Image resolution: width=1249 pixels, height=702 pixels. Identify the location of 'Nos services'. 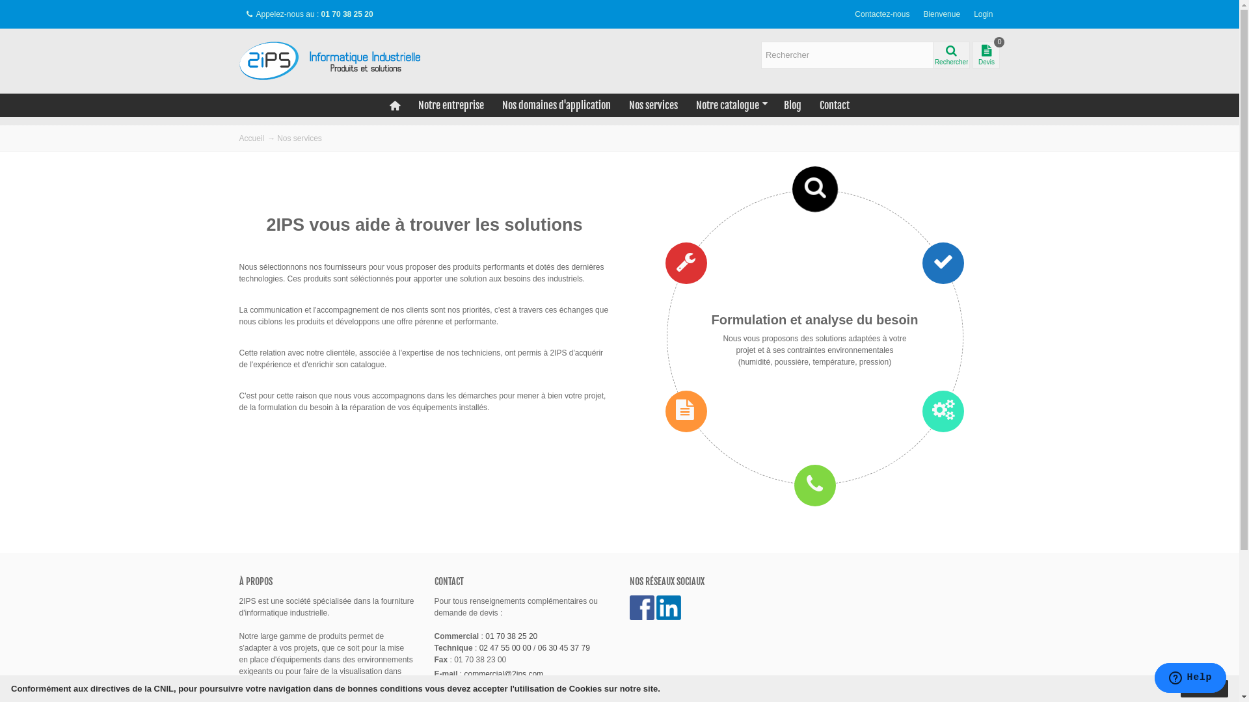
(653, 105).